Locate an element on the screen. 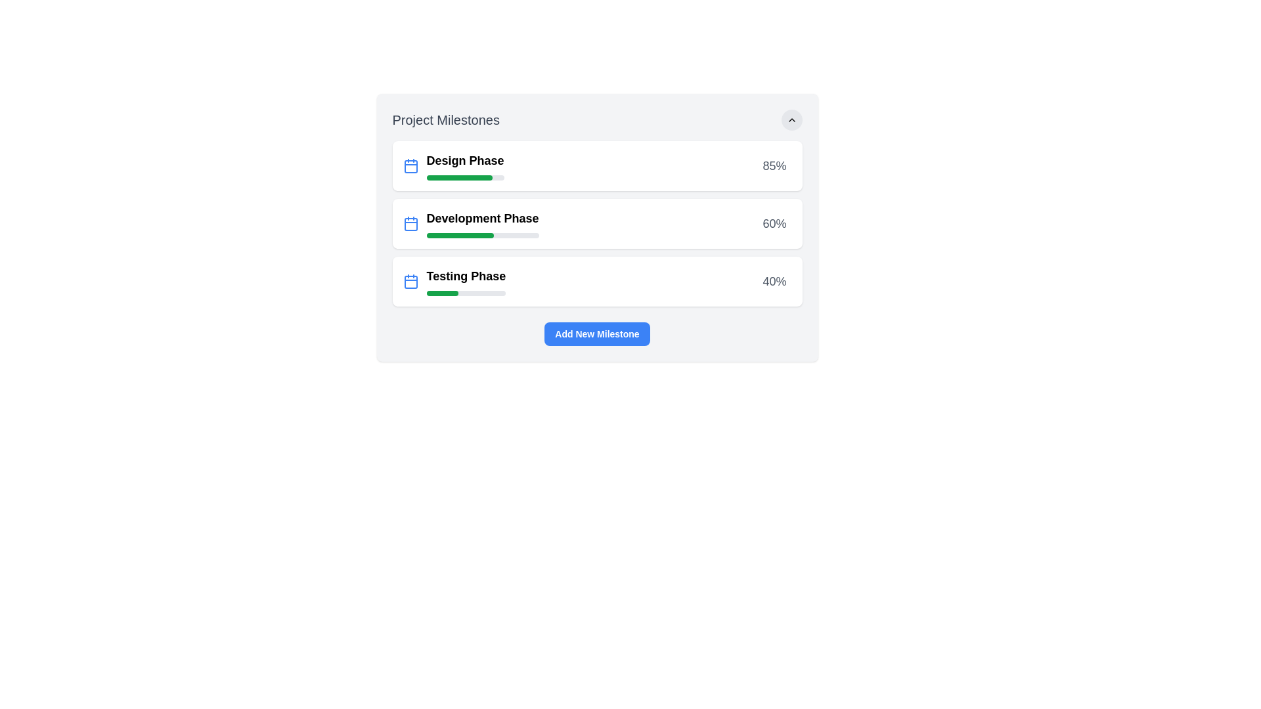  the progress bar indicating 85% completion of the 'Design Phase' milestone, located below the 'Design Phase' label in the 'Project Milestones' card is located at coordinates (465, 177).